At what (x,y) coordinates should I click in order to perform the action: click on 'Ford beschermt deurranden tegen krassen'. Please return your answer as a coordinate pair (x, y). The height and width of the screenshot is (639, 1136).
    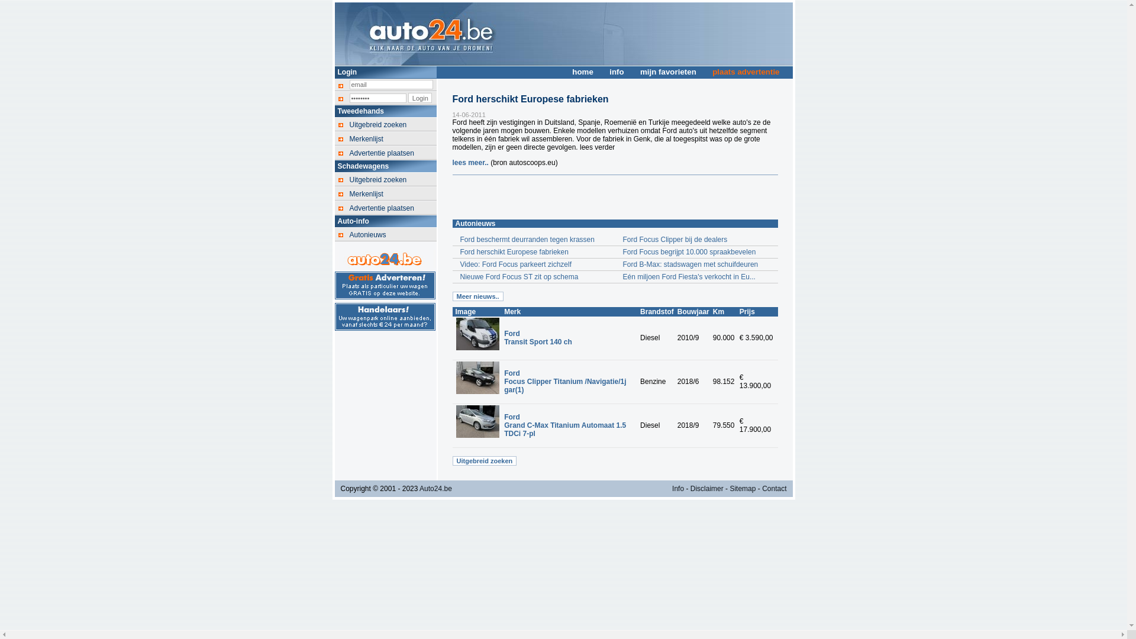
    Looking at the image, I should click on (532, 240).